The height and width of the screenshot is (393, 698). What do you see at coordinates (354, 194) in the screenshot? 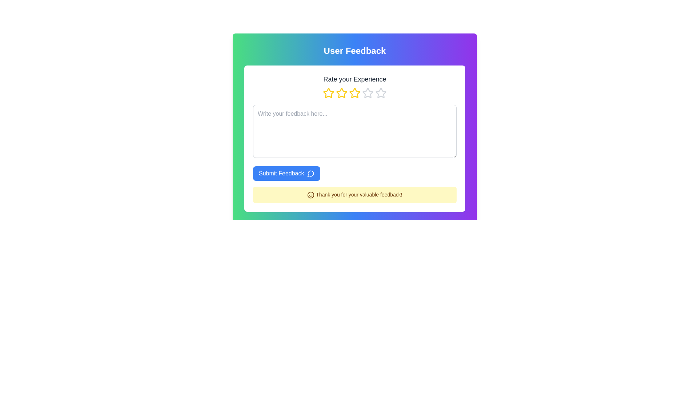
I see `the Informational Message that thanks users after feedback submission, located beneath the blue 'Submit Feedback' button` at bounding box center [354, 194].